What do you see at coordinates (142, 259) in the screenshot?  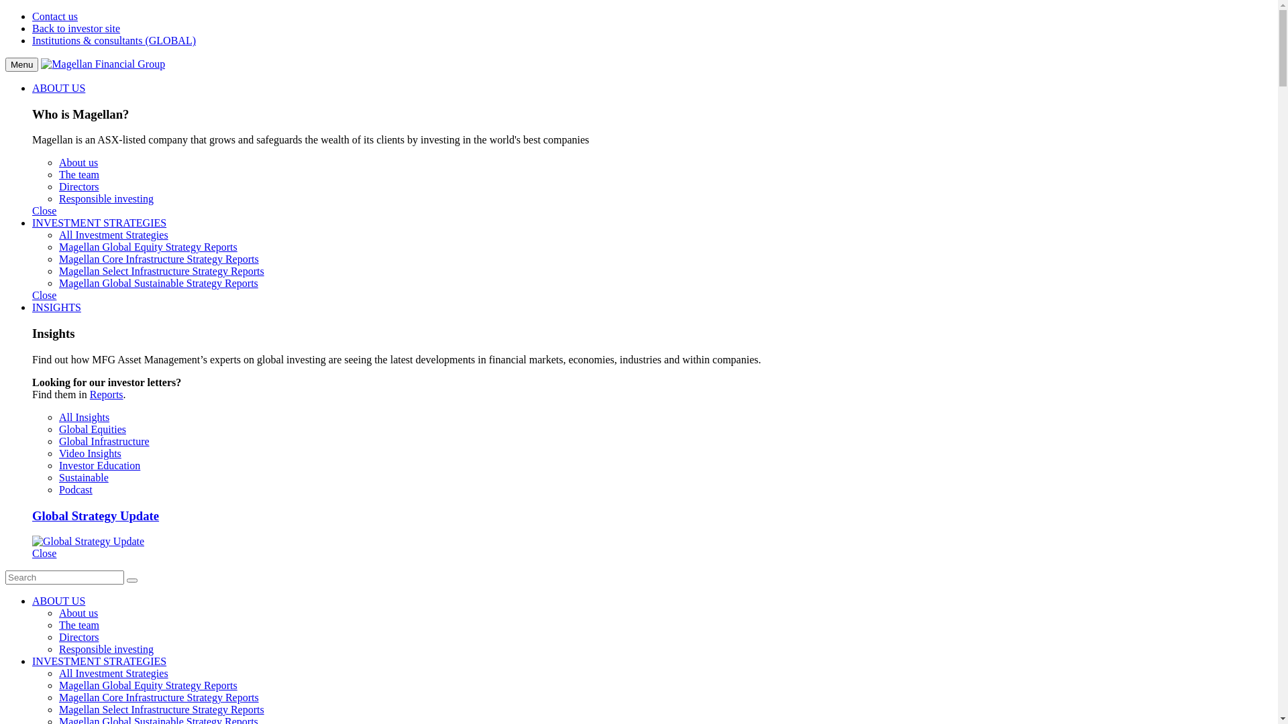 I see `'Magellan Core Infrastructure Strategy'` at bounding box center [142, 259].